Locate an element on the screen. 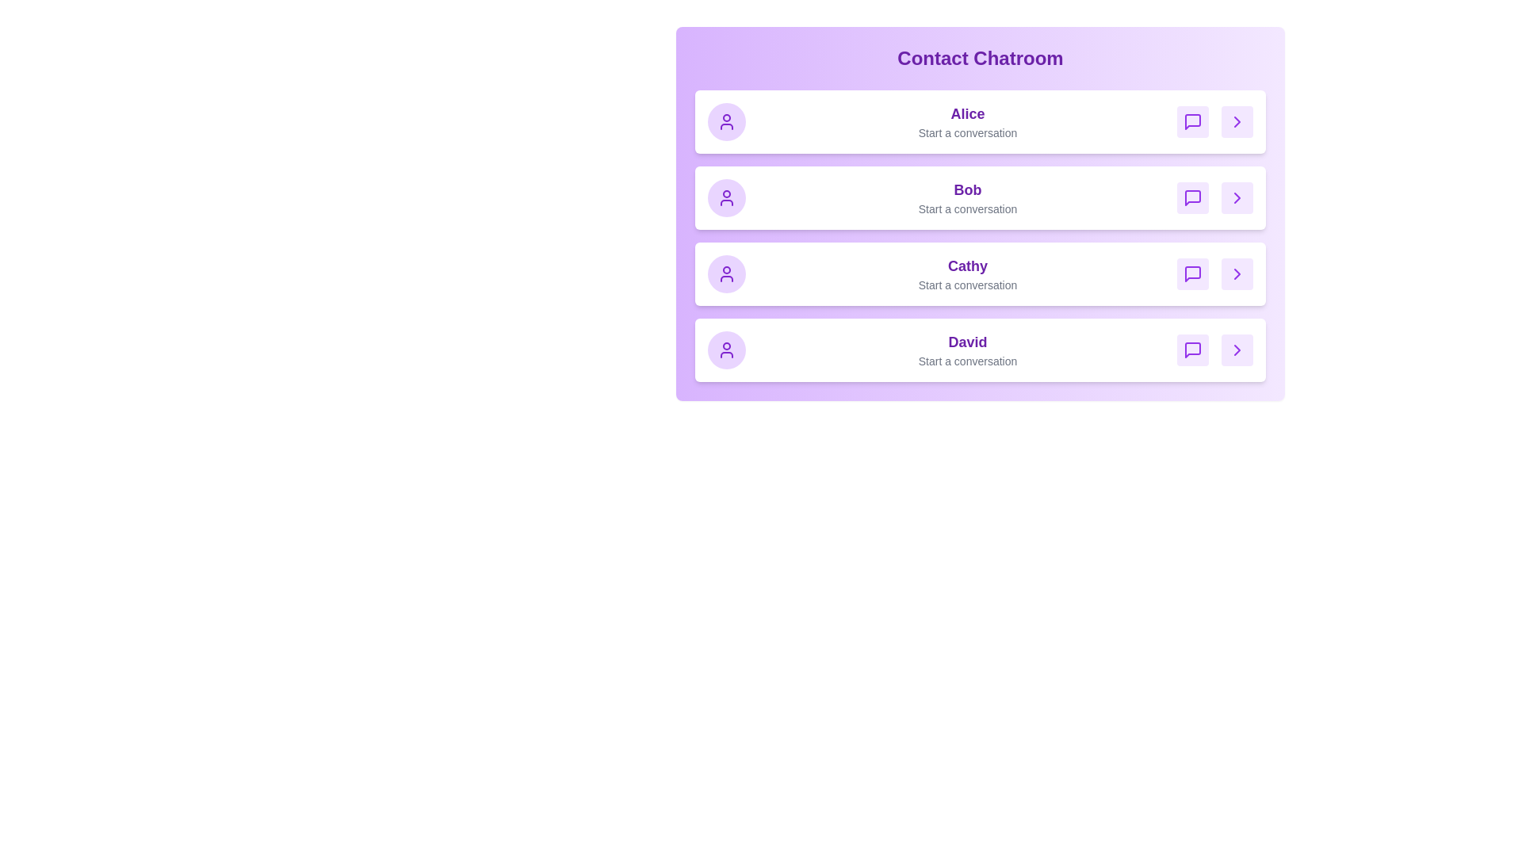  arrow icon for Cathy to view more details is located at coordinates (1236, 273).